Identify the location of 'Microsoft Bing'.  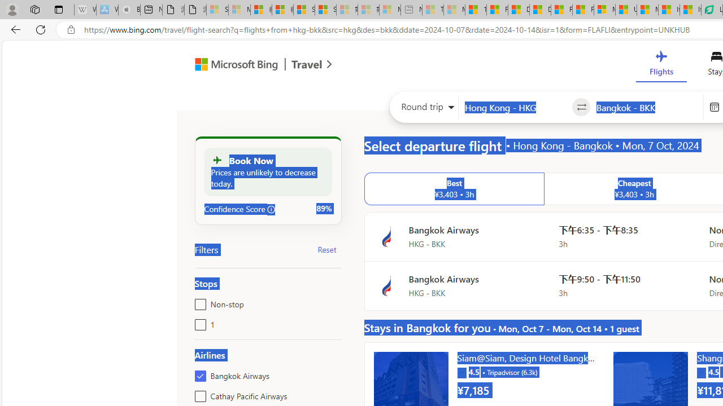
(231, 66).